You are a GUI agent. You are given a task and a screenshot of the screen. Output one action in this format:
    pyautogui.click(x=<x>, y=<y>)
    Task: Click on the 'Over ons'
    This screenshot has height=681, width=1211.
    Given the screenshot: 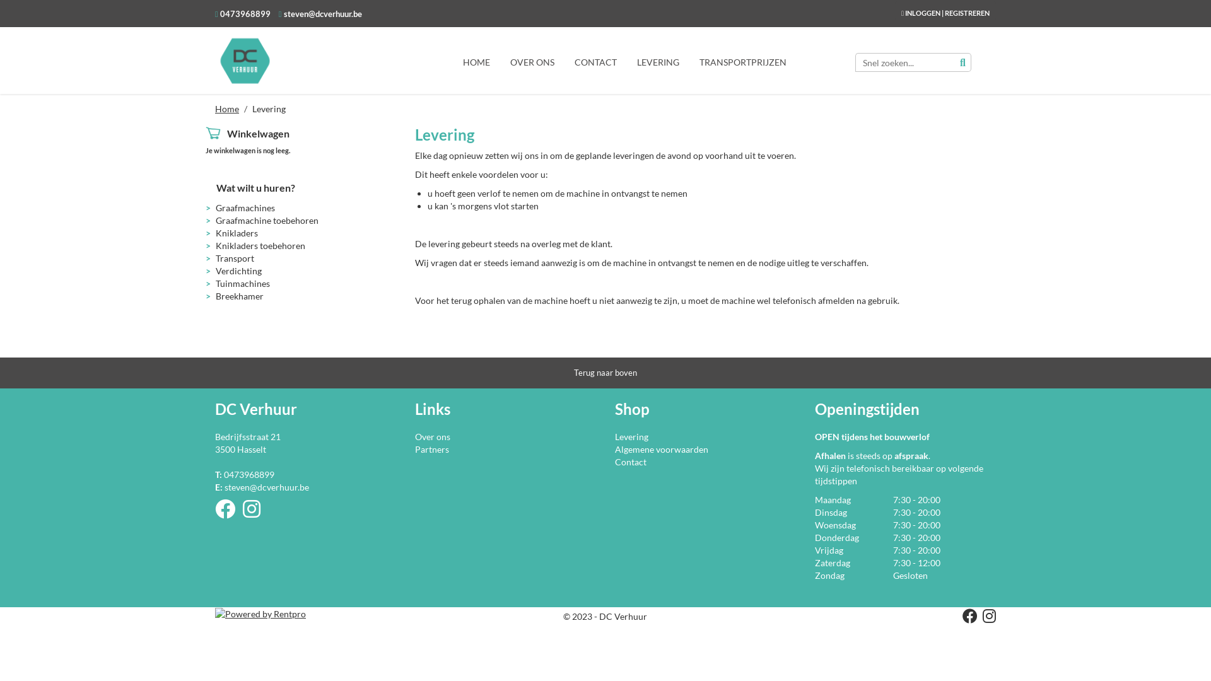 What is the action you would take?
    pyautogui.click(x=433, y=436)
    